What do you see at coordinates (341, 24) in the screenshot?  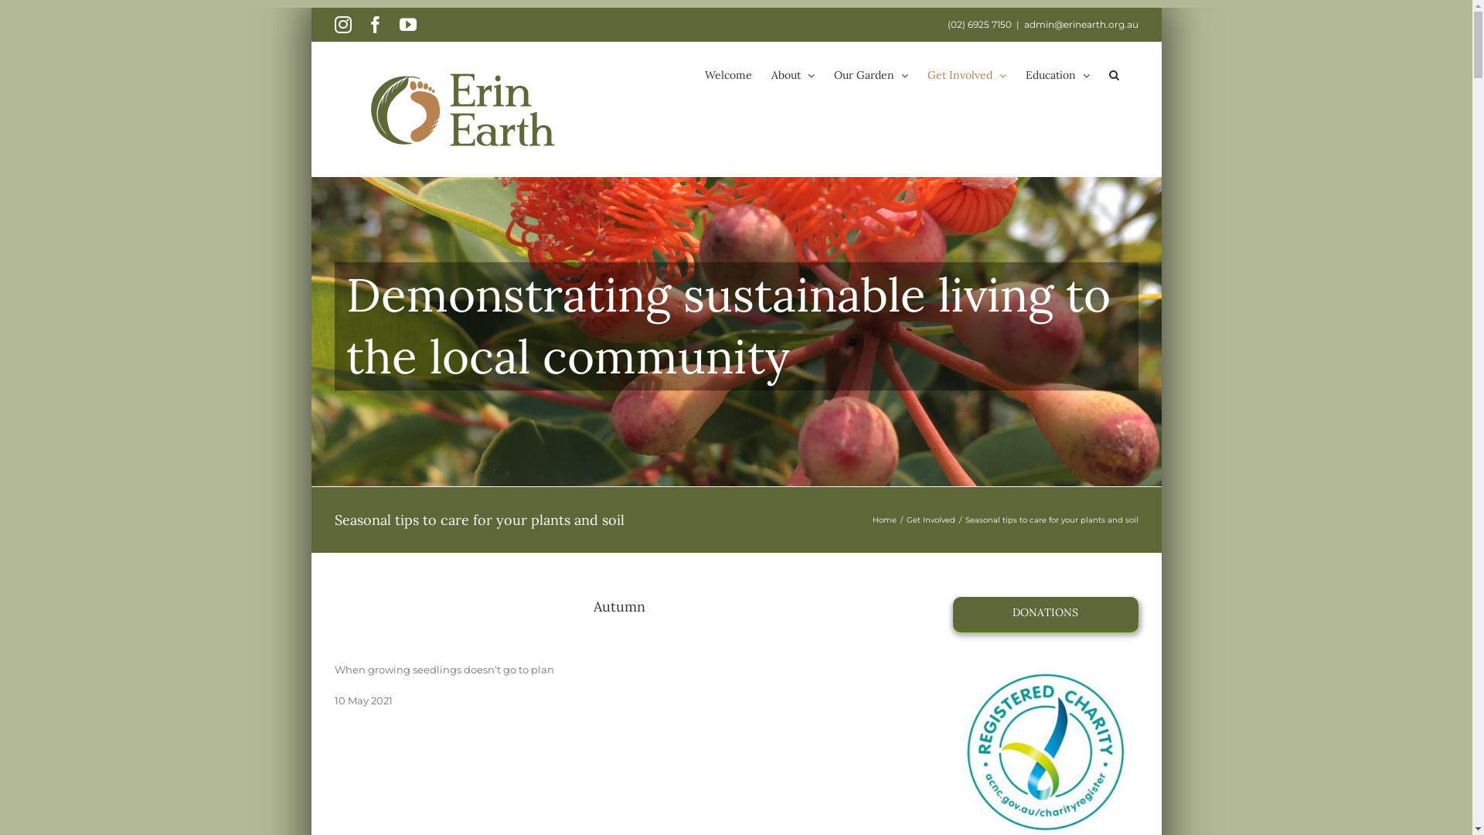 I see `'Instagram'` at bounding box center [341, 24].